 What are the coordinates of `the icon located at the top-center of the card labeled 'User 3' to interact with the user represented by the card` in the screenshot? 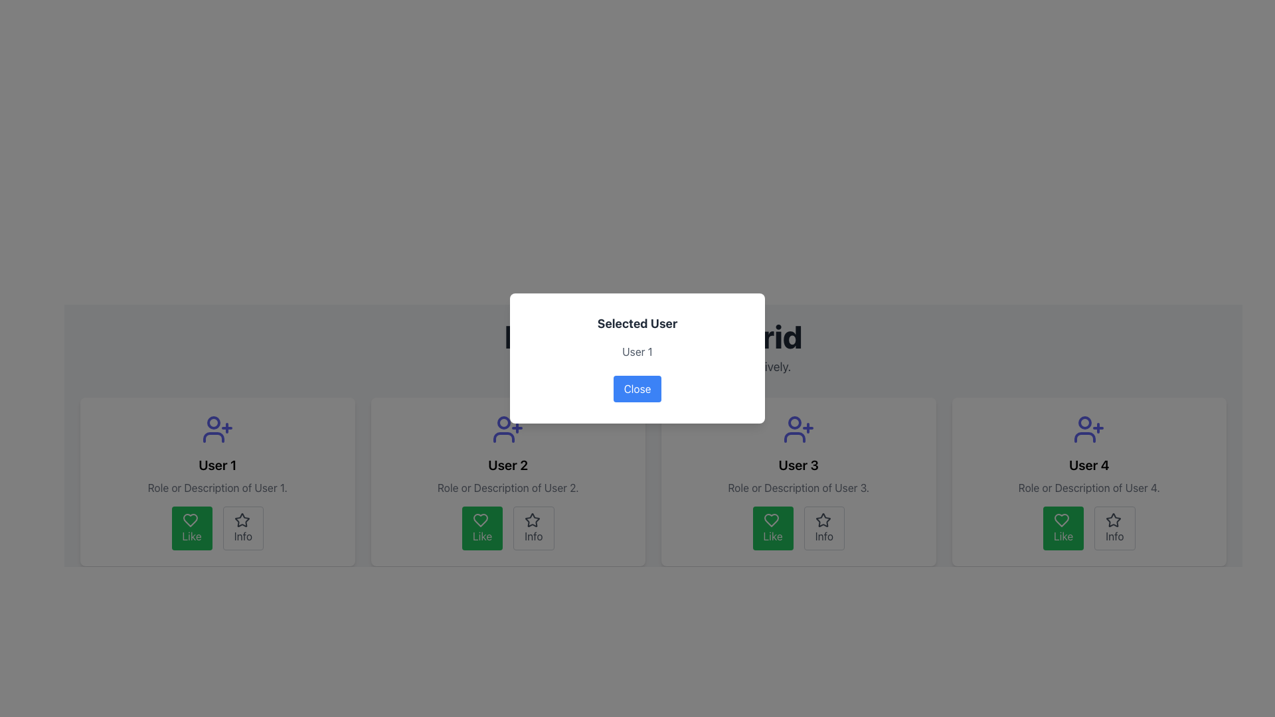 It's located at (798, 430).